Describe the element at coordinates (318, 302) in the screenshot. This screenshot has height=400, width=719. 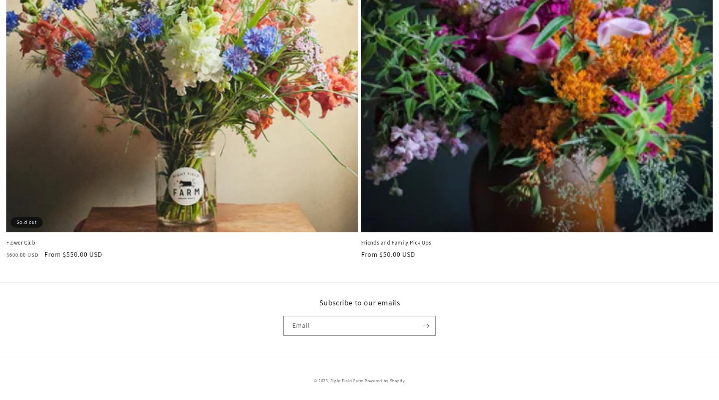
I see `'Subscribe to our emails'` at that location.